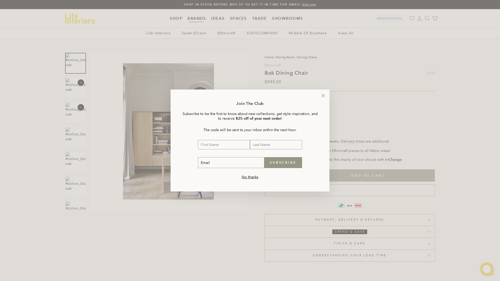  Describe the element at coordinates (435, 18) in the screenshot. I see `'CART'` at that location.